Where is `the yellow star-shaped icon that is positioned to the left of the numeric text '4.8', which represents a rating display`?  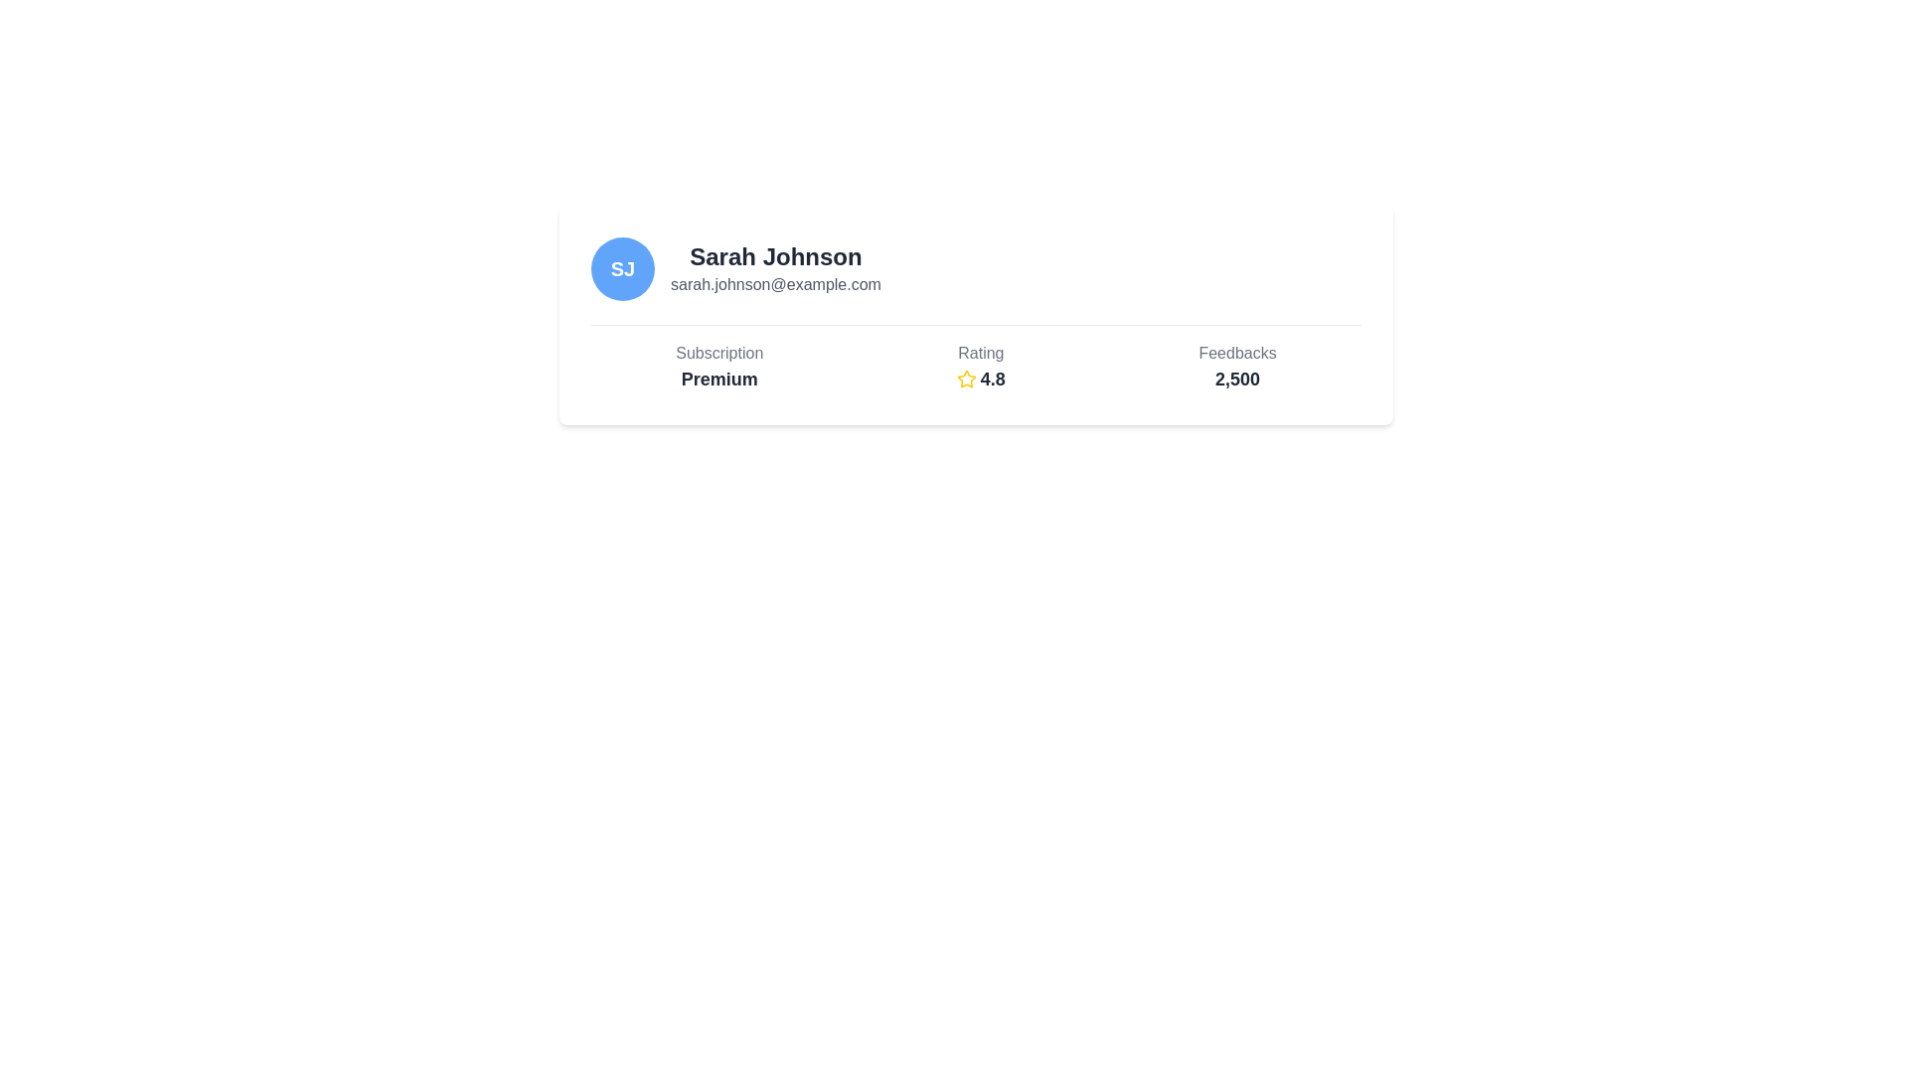
the yellow star-shaped icon that is positioned to the left of the numeric text '4.8', which represents a rating display is located at coordinates (966, 379).